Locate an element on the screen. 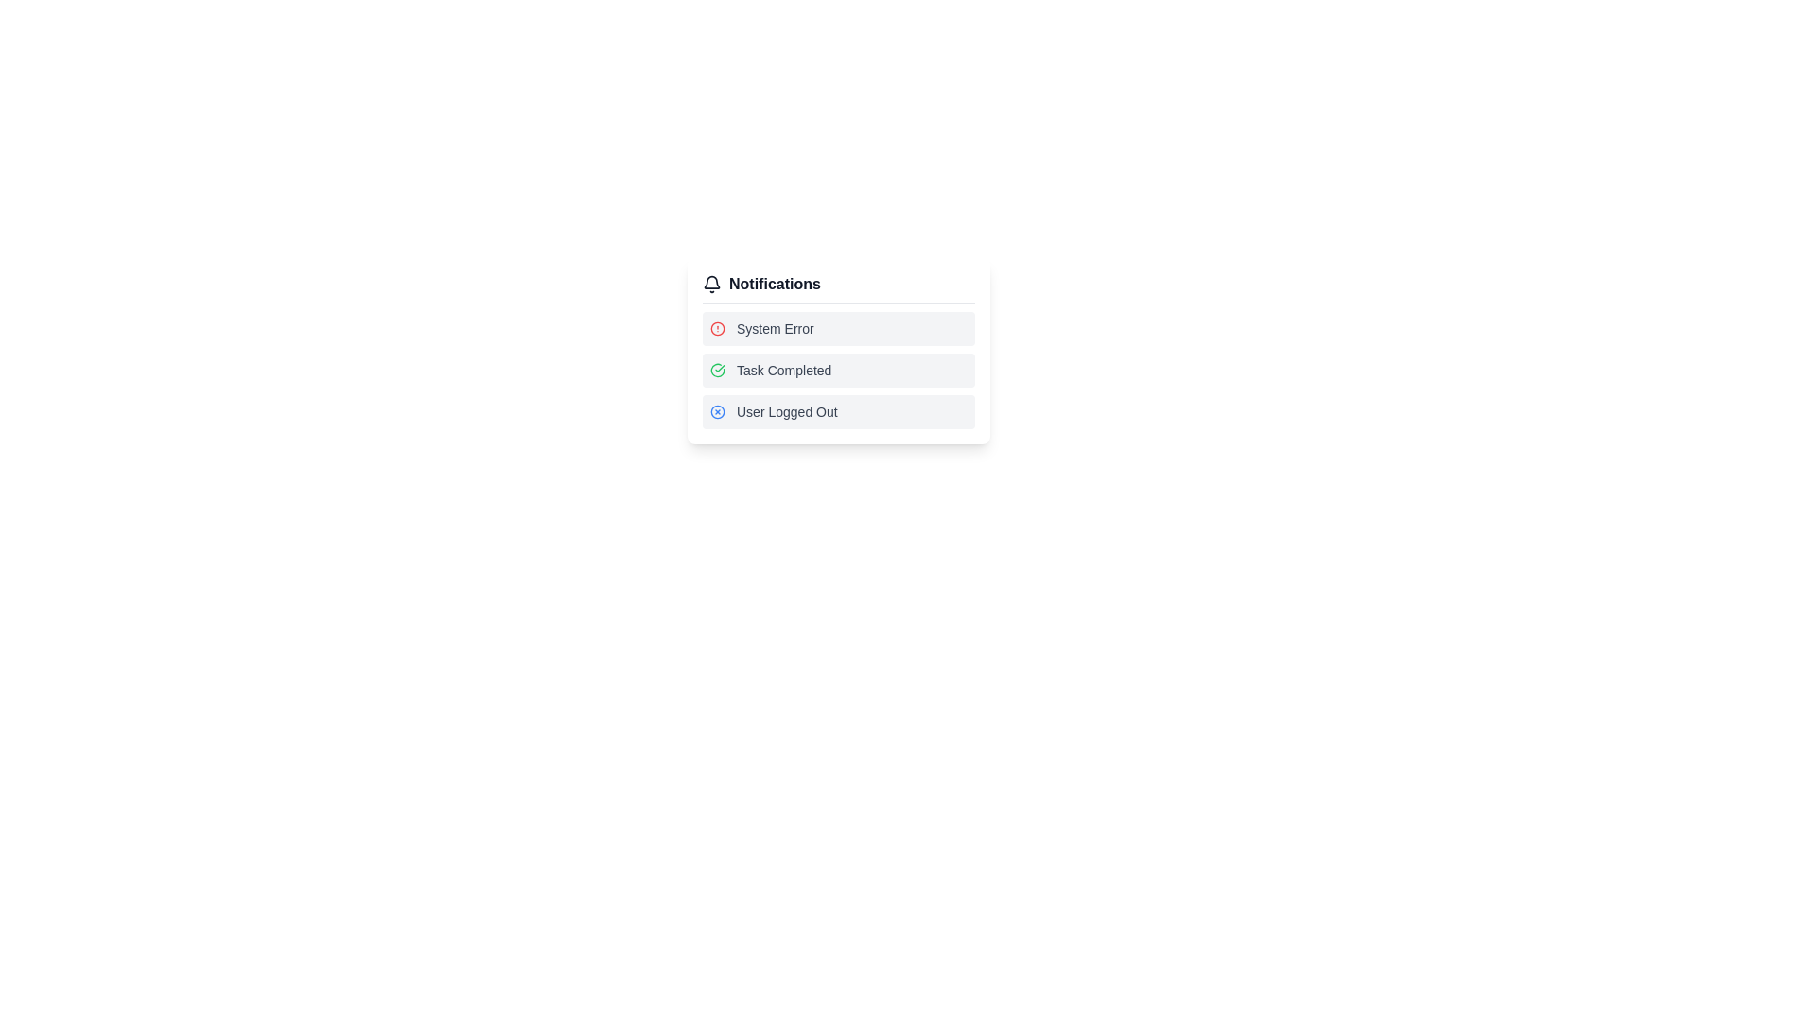  the circular icon with a green outline and checkmark inside, located at the leftmost side of the 'Task Completed' notification row, next to the text label 'Task Completed' is located at coordinates (716, 371).